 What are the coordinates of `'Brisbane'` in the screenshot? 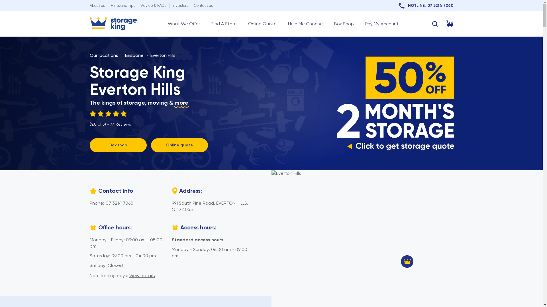 It's located at (134, 55).